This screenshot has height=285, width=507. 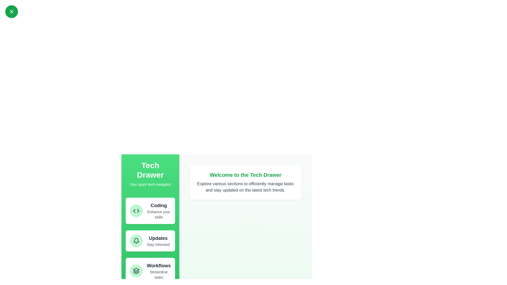 I want to click on the item Updates in the drawer, so click(x=150, y=241).